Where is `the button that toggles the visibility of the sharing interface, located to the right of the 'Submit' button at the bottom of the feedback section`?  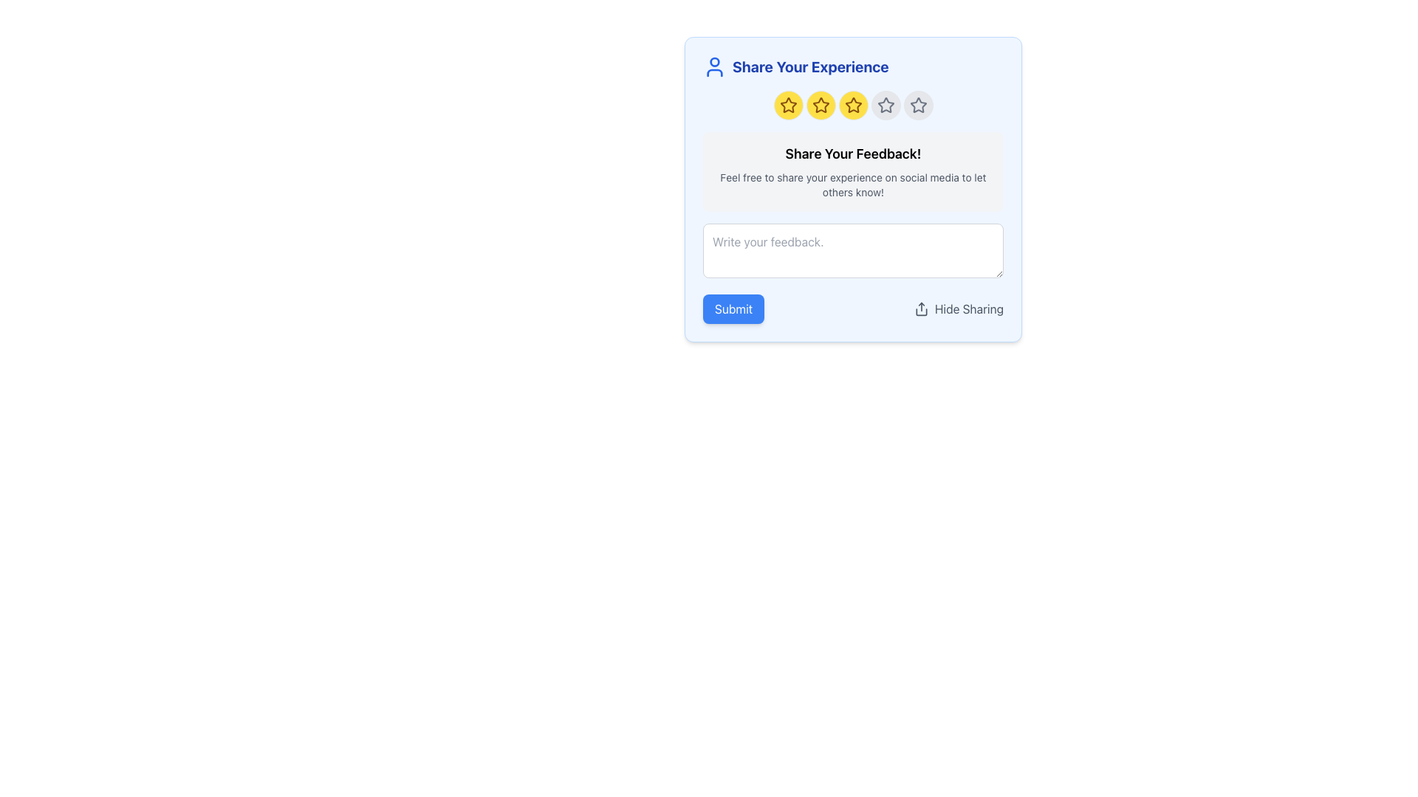
the button that toggles the visibility of the sharing interface, located to the right of the 'Submit' button at the bottom of the feedback section is located at coordinates (959, 308).